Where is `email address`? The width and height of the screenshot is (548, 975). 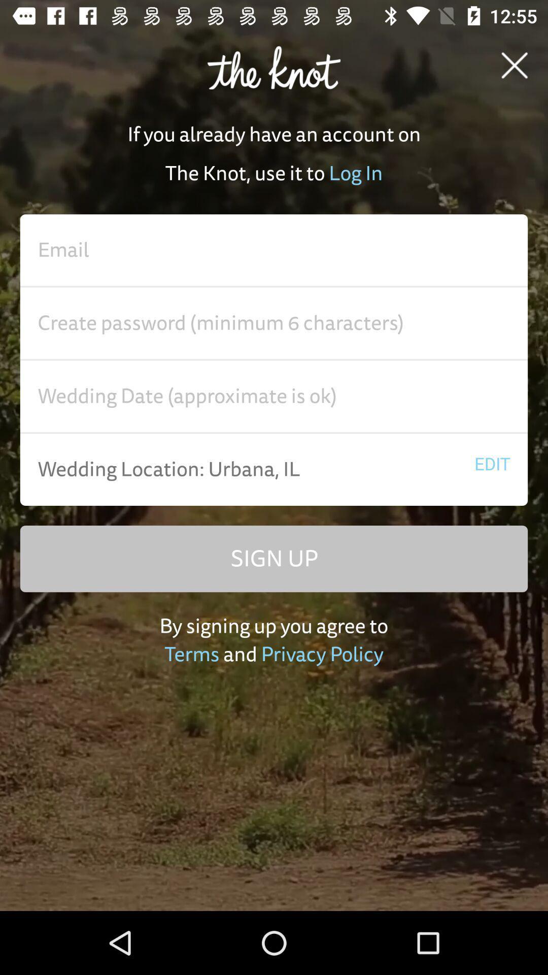 email address is located at coordinates (274, 250).